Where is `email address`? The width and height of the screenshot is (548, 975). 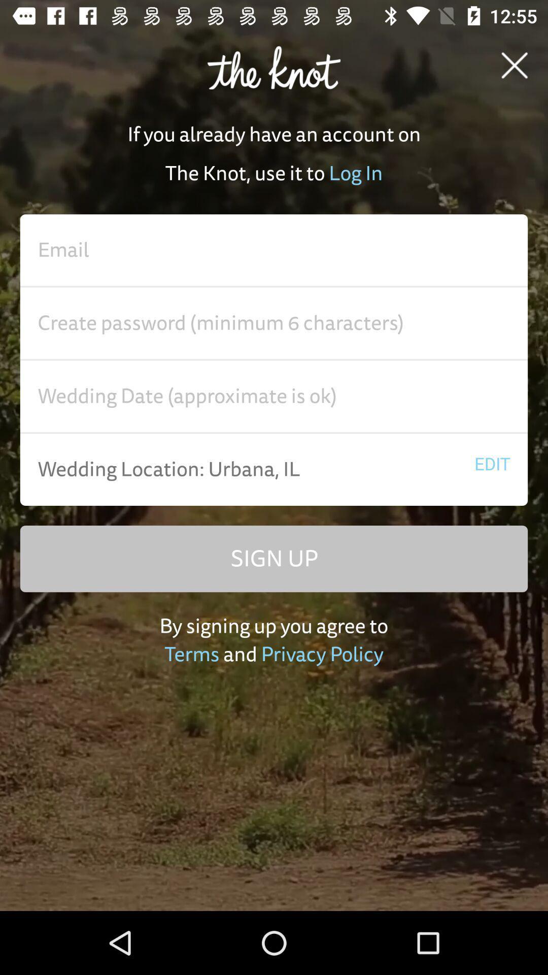 email address is located at coordinates (274, 250).